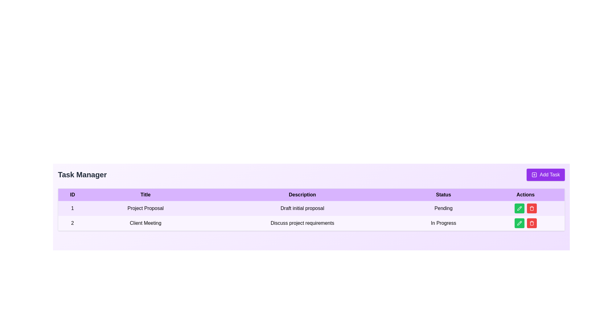 The image size is (592, 333). Describe the element at coordinates (443, 208) in the screenshot. I see `text label displaying 'Pending' in the 'Status' column of the table for the row labeled '1' with title 'Project Proposal'` at that location.